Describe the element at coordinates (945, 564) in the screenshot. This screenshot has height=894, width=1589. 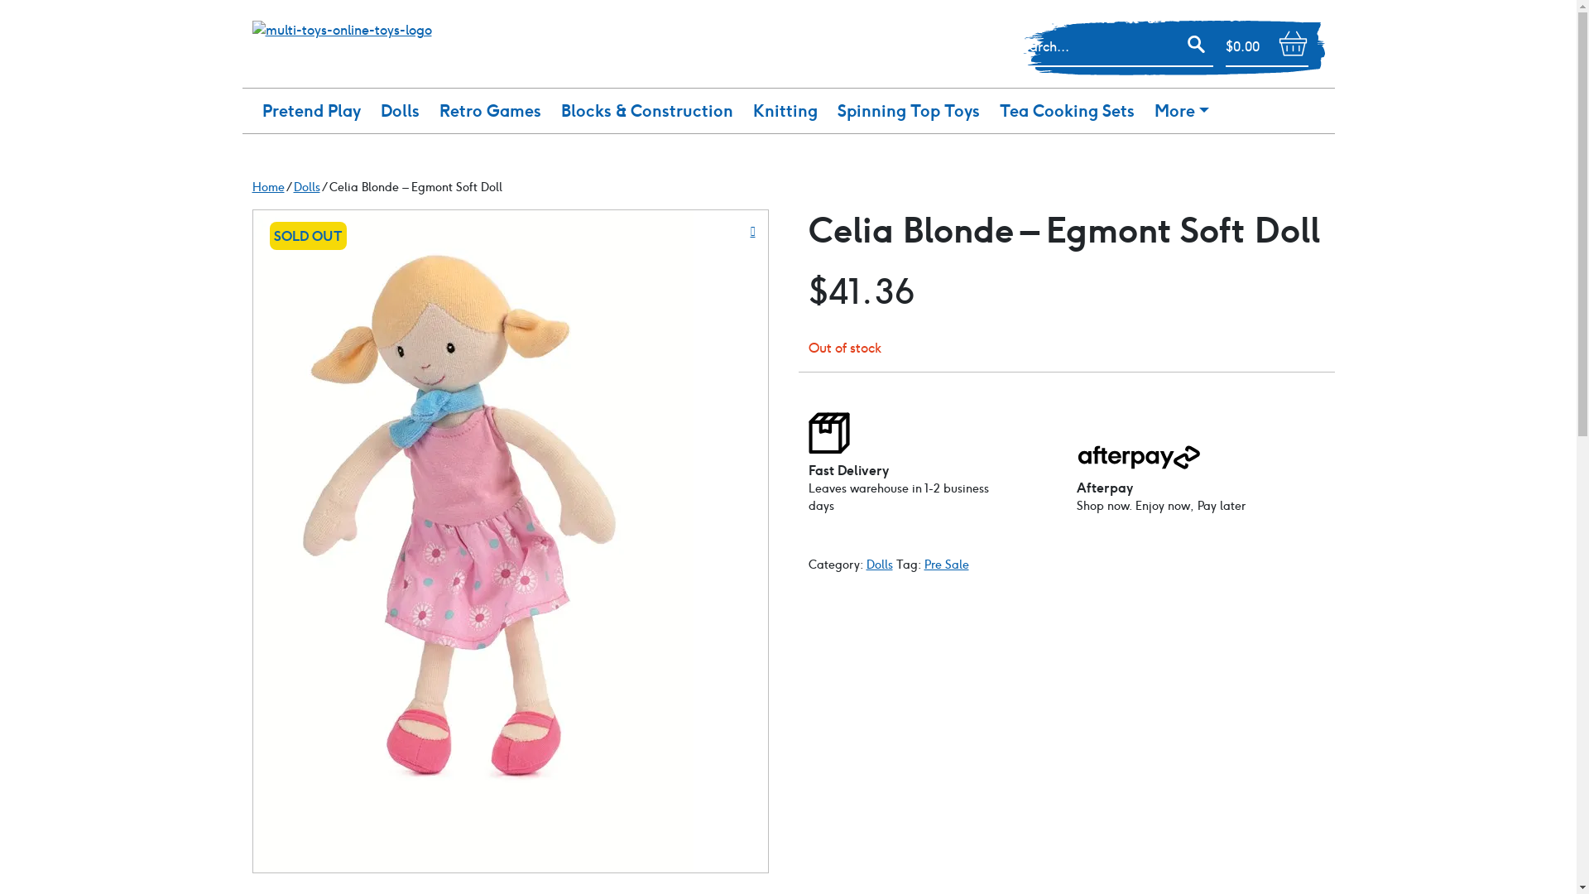
I see `'Pre Sale'` at that location.